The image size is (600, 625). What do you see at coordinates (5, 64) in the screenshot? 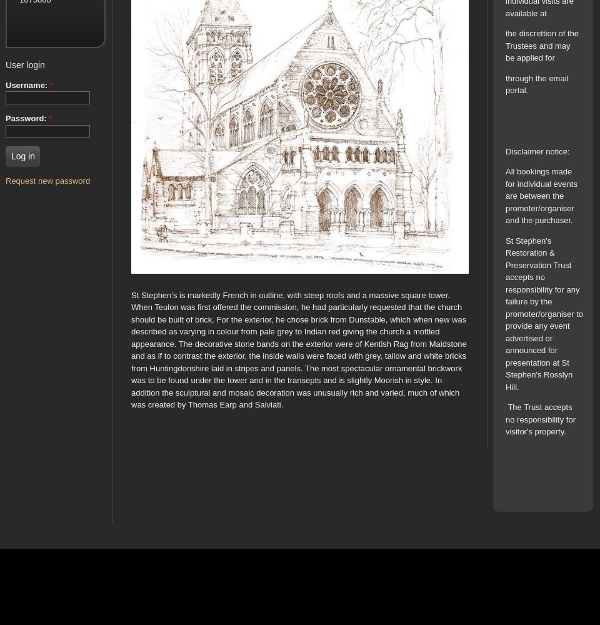
I see `'User login'` at bounding box center [5, 64].